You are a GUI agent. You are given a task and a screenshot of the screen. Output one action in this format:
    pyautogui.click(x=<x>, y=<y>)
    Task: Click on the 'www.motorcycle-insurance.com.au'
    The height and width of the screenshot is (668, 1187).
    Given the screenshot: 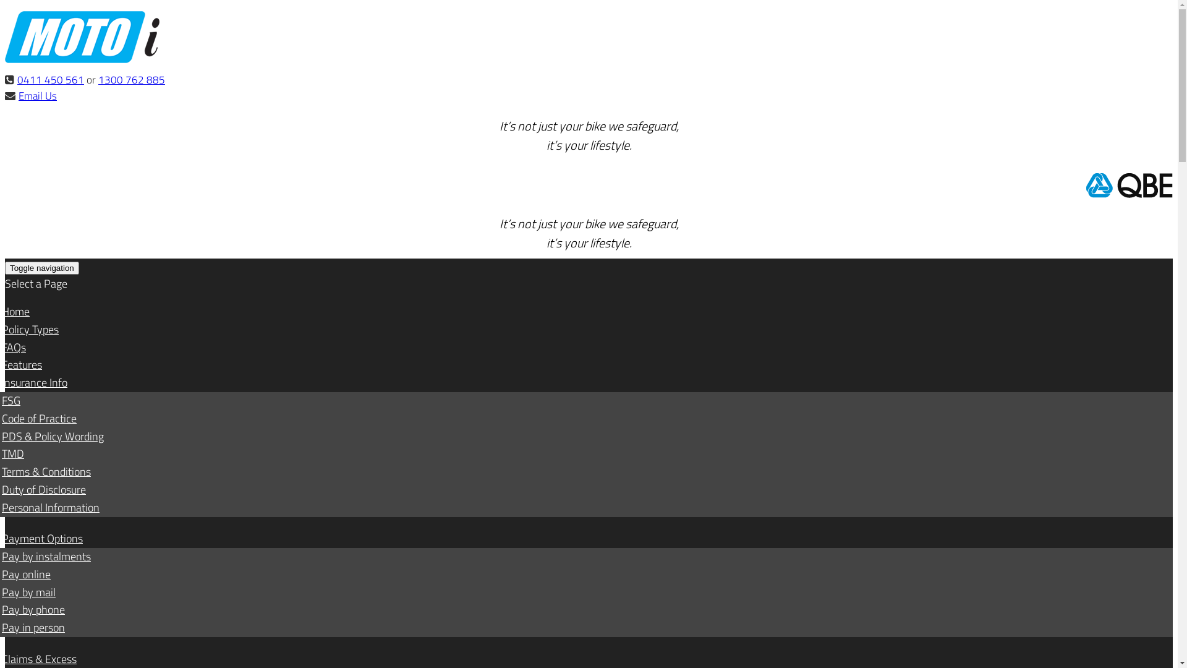 What is the action you would take?
    pyautogui.click(x=82, y=36)
    